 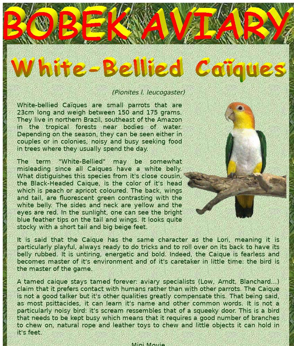 What do you see at coordinates (218, 254) in the screenshot?
I see `'que'` at bounding box center [218, 254].